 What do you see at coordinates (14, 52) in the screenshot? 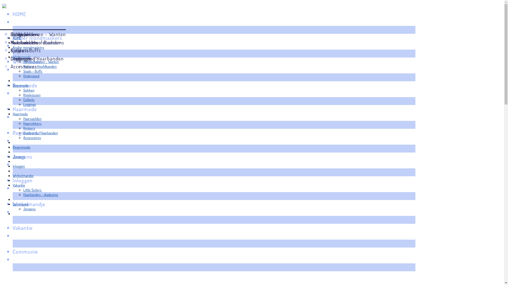
I see `' '` at bounding box center [14, 52].